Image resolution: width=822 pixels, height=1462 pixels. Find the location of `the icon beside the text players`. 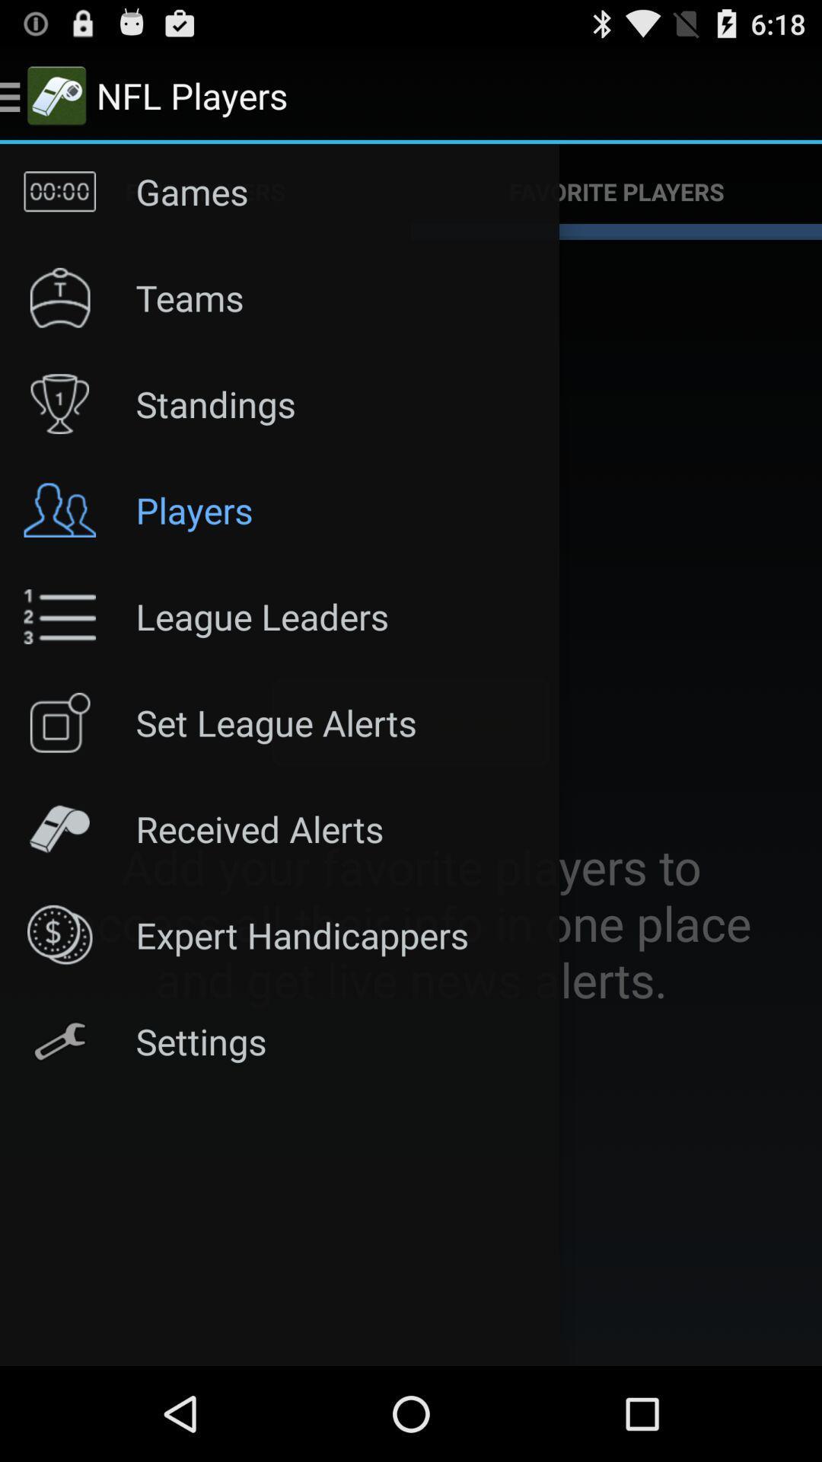

the icon beside the text players is located at coordinates (59, 510).